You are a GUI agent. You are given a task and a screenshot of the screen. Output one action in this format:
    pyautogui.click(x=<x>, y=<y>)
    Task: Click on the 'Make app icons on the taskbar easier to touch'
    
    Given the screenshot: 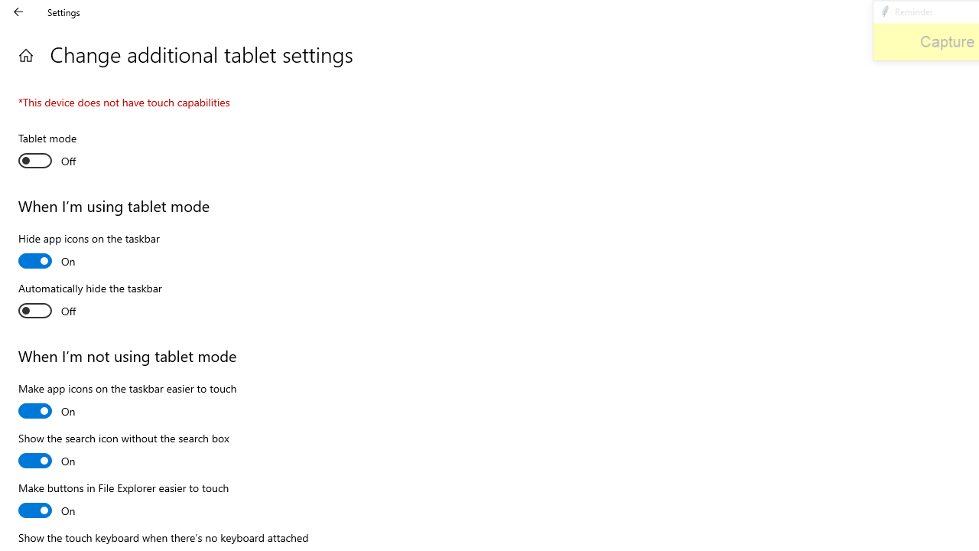 What is the action you would take?
    pyautogui.click(x=128, y=401)
    